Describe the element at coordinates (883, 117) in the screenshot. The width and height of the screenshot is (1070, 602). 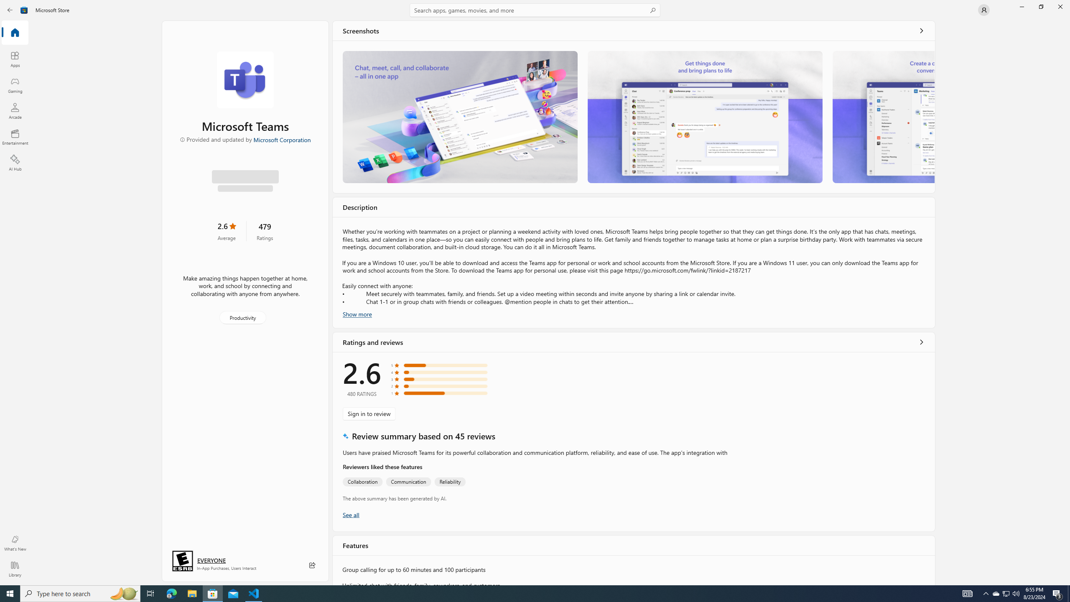
I see `'Screenshot 3'` at that location.